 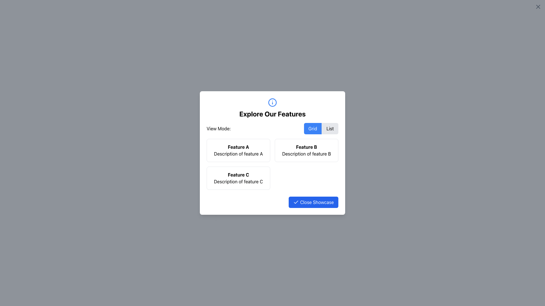 I want to click on the close button located at the bottom-right corner of the card layout, so click(x=313, y=202).